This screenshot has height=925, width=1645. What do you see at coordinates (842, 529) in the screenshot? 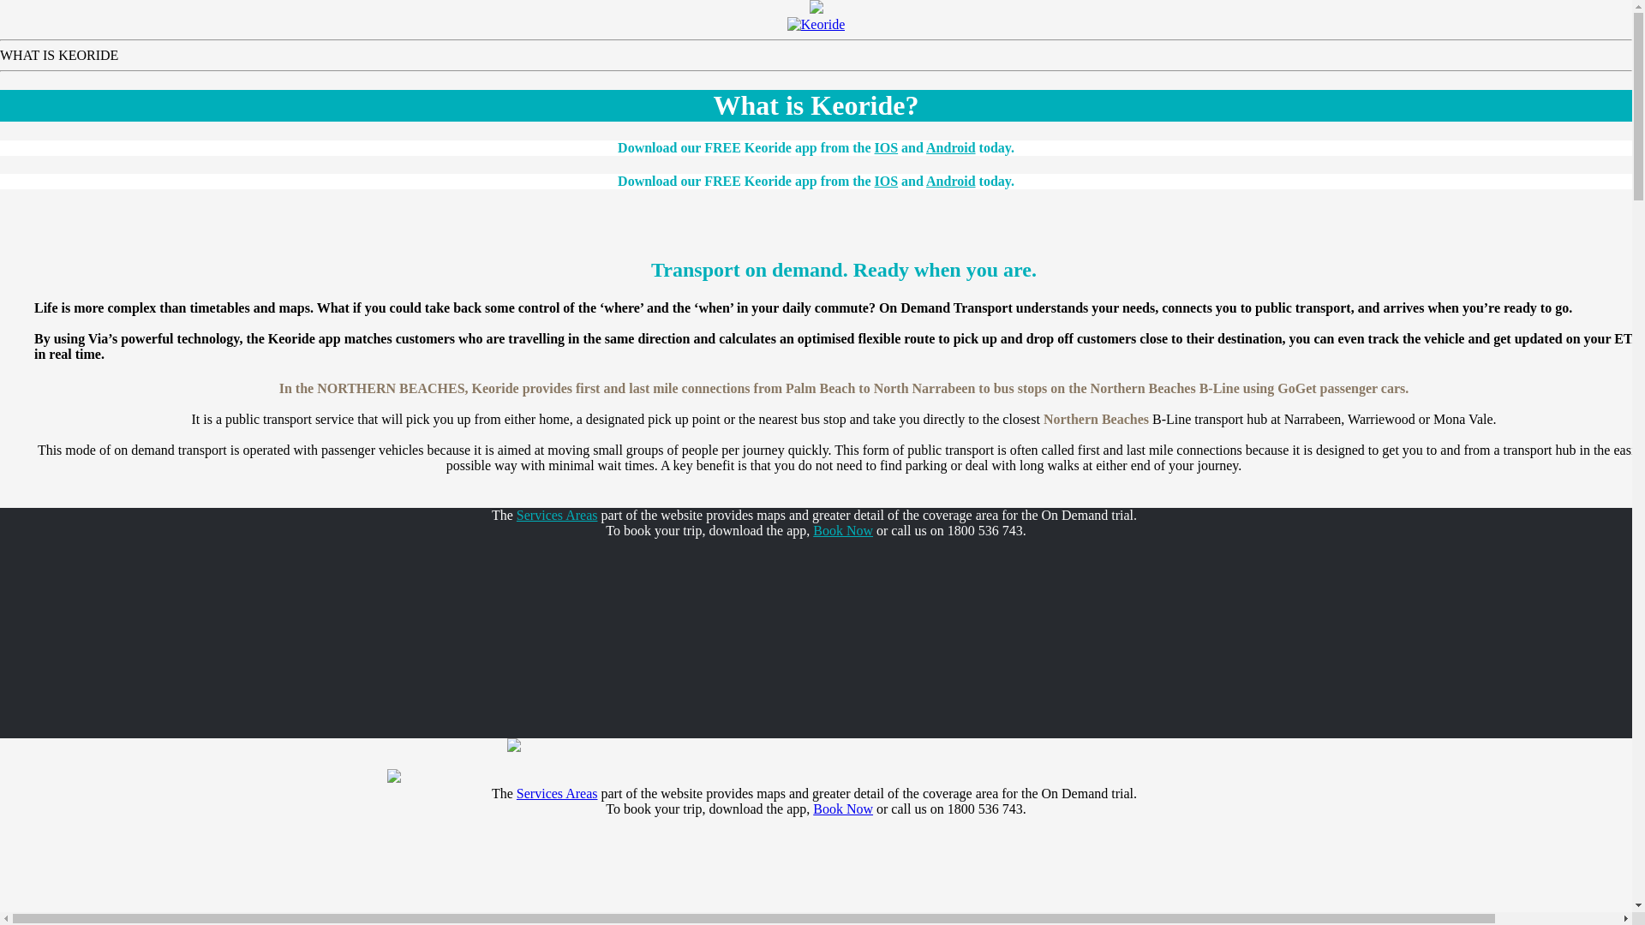
I see `'Book Now'` at bounding box center [842, 529].